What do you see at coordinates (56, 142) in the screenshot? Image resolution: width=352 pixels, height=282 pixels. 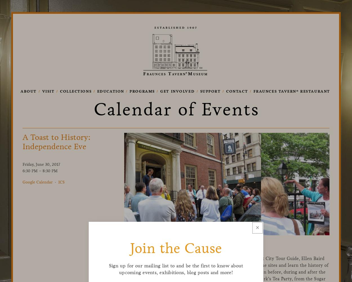 I see `'A Toast to History: Independence Eve'` at bounding box center [56, 142].